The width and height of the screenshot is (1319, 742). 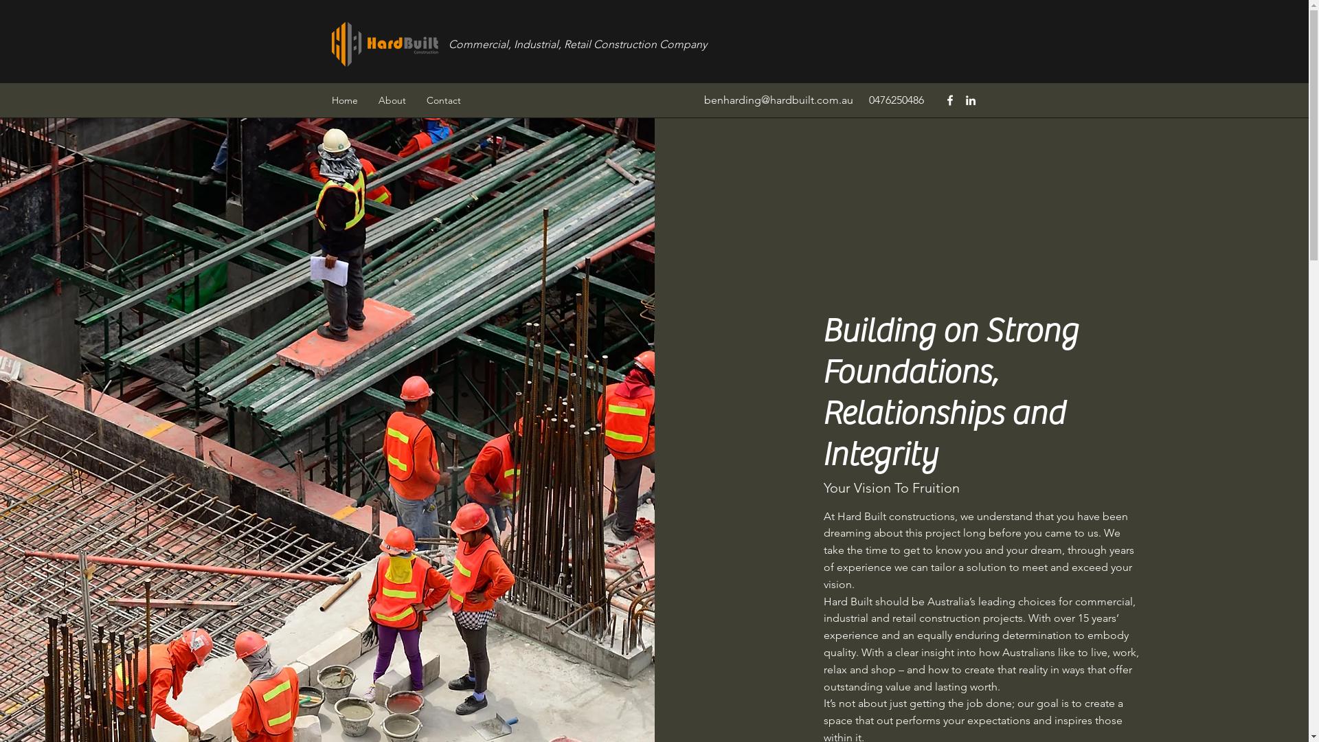 I want to click on 'benharding@hardbuilt.com.au', so click(x=778, y=99).